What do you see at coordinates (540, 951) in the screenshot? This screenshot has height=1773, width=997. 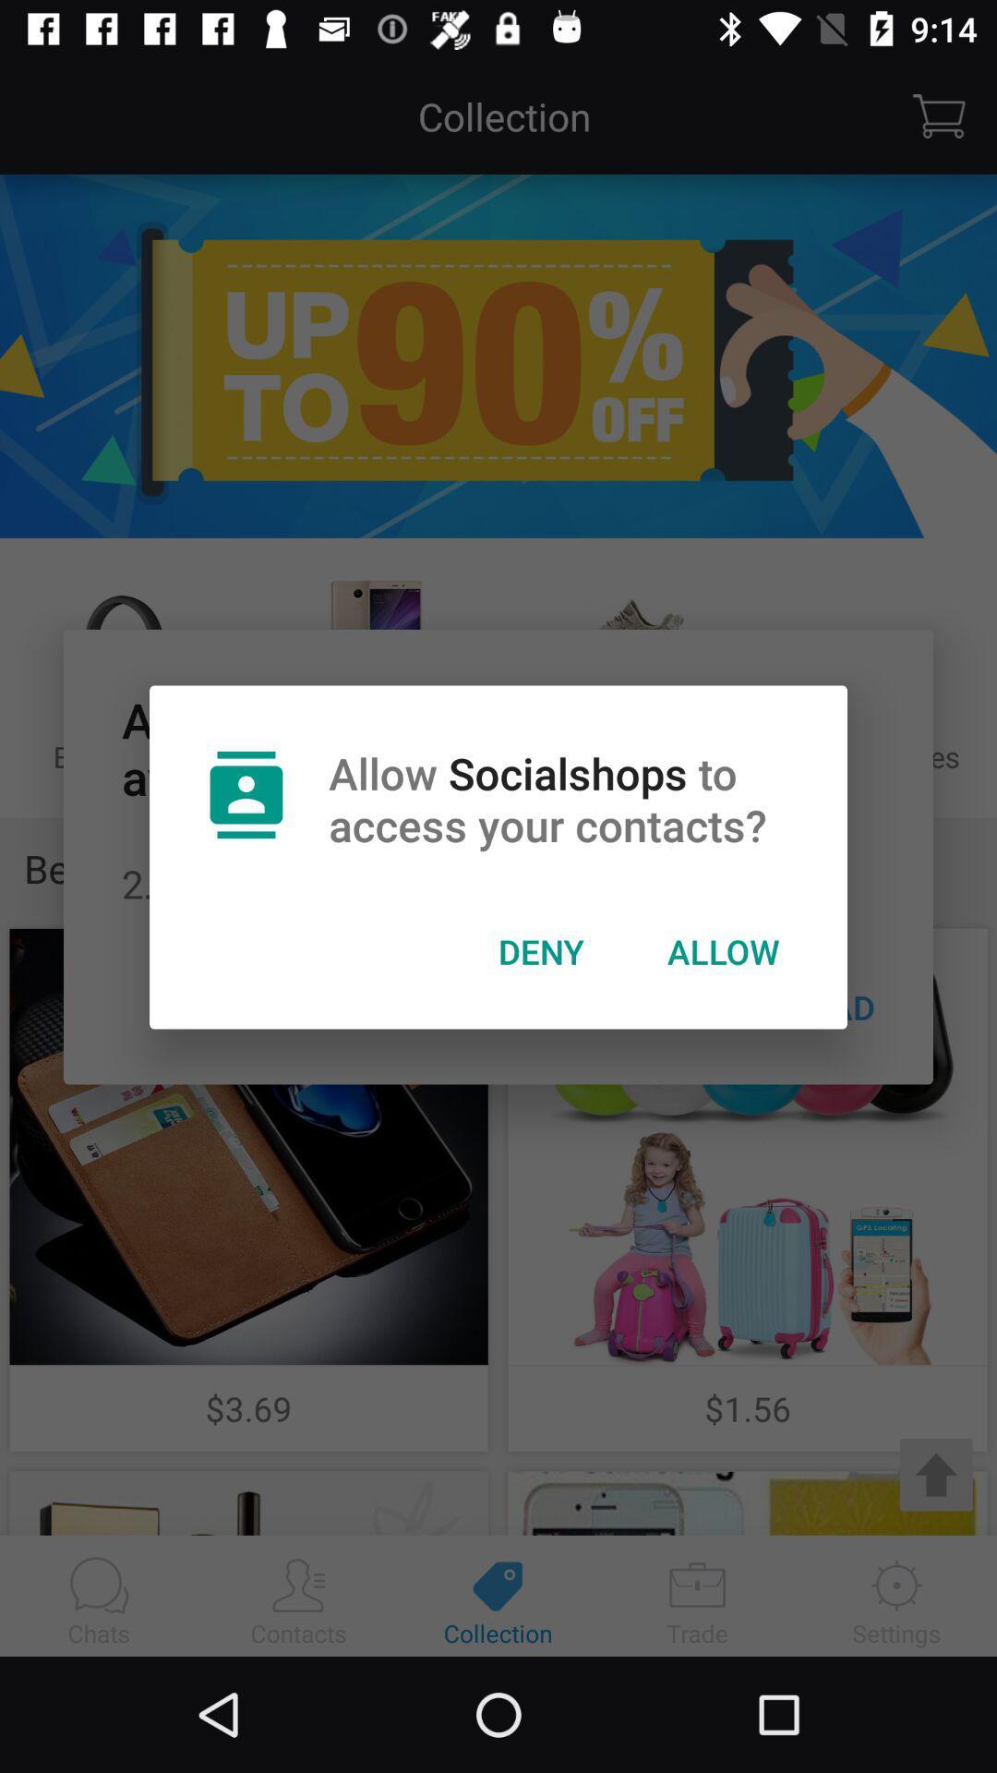 I see `the deny icon` at bounding box center [540, 951].